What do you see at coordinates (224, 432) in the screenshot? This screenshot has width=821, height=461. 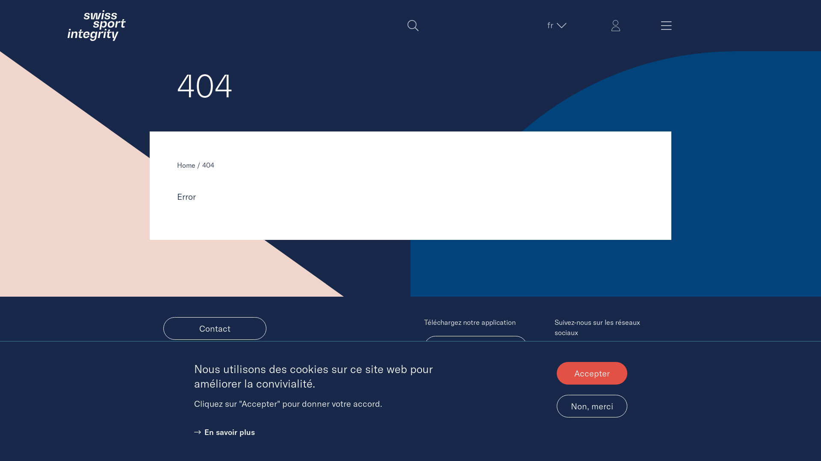 I see `'En savoir plus'` at bounding box center [224, 432].